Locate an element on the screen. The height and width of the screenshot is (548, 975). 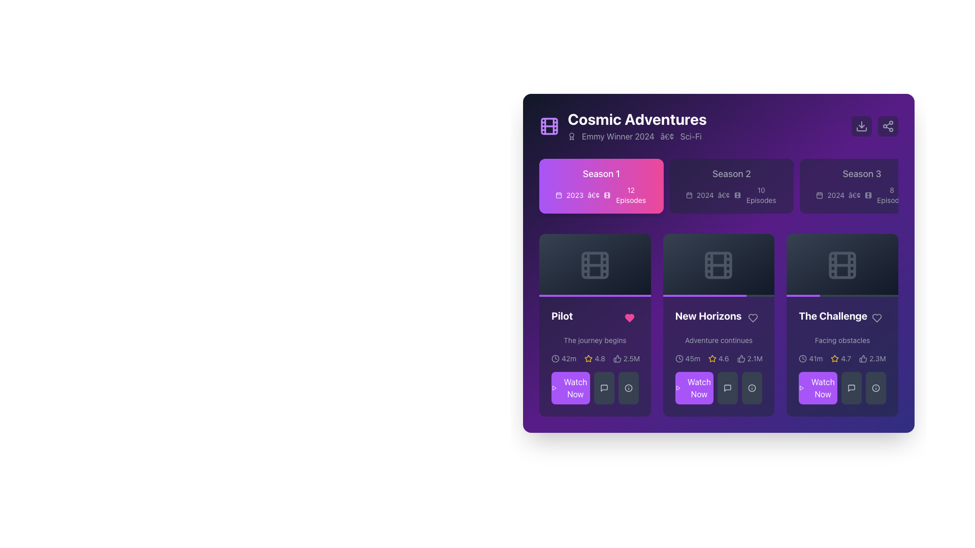
the content card for the episode 'Pilot' is located at coordinates (595, 356).